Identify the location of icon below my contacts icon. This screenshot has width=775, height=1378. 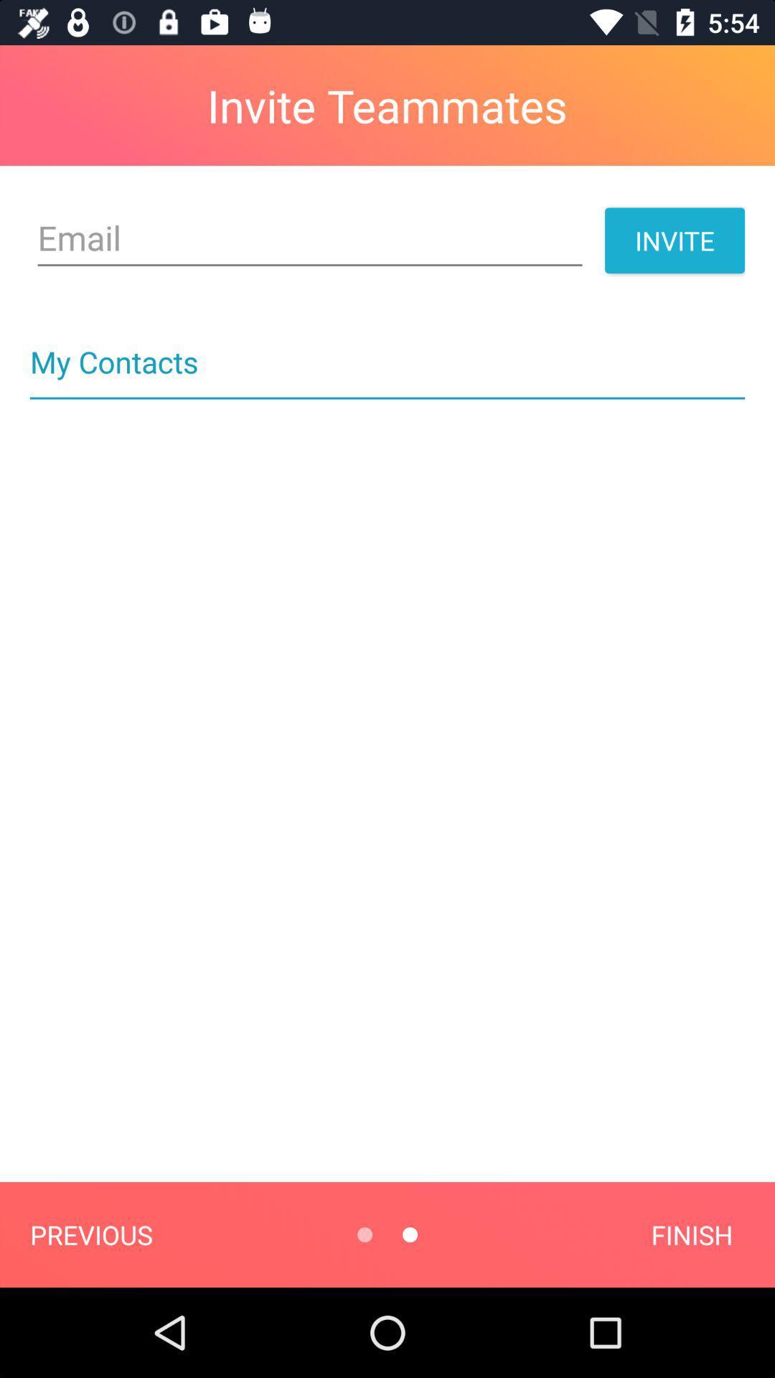
(387, 398).